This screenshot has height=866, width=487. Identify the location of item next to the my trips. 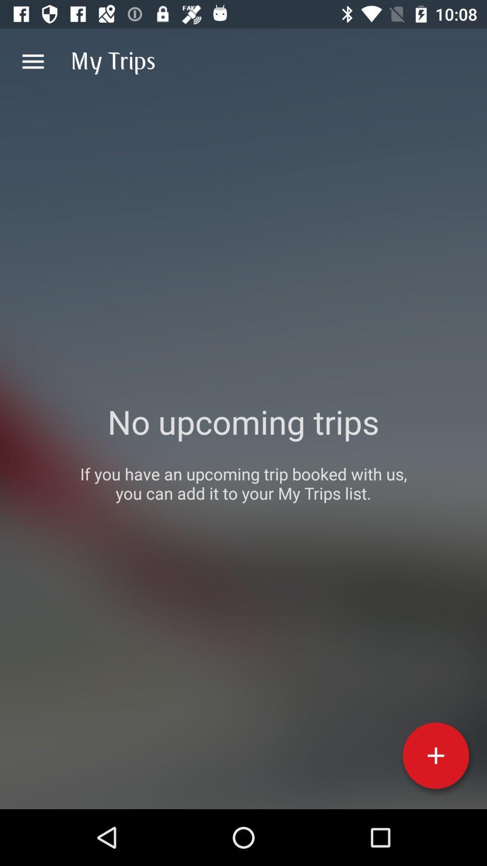
(32, 61).